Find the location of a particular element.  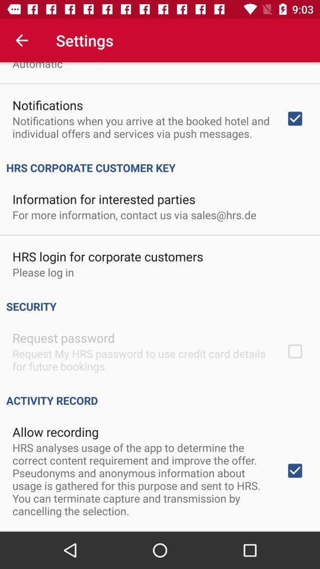

the item above automatic is located at coordinates (21, 40).